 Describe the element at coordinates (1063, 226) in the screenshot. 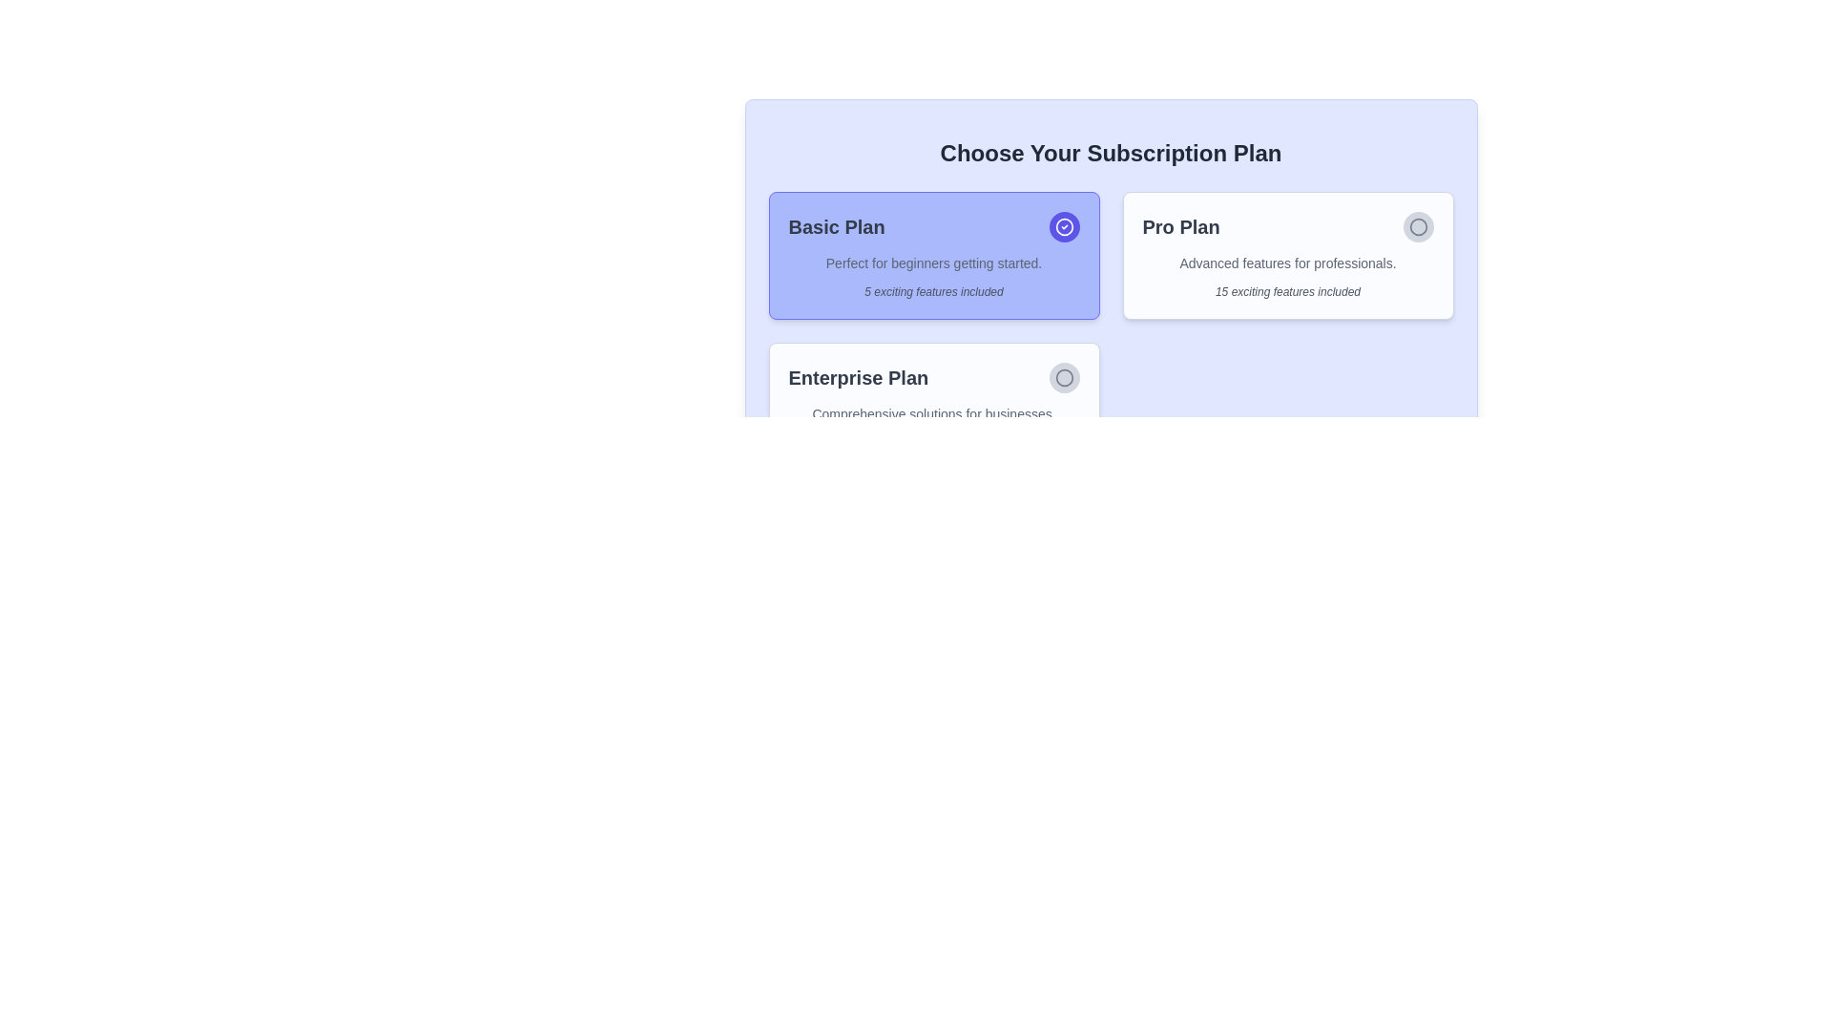

I see `Circular Decorative Component within the 'Basic Plan' card, located at the top right corner of the card layout` at that location.